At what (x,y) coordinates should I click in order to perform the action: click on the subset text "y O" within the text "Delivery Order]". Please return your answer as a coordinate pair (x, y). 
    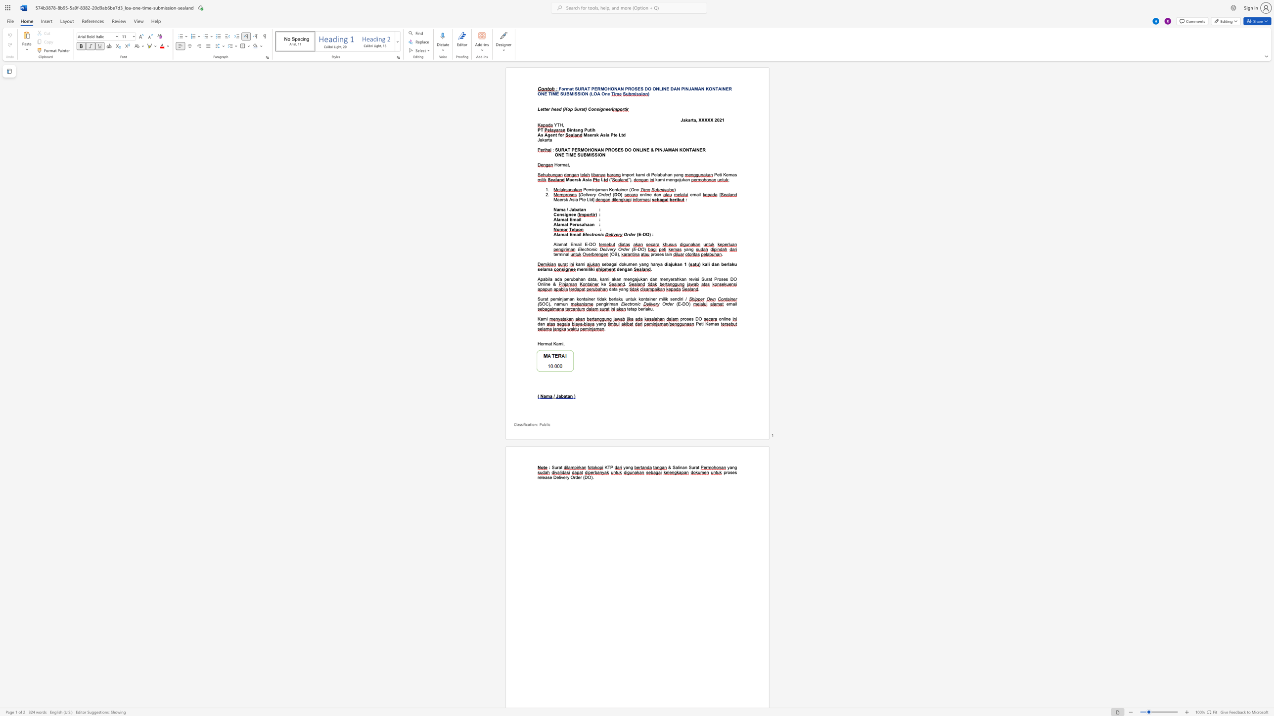
    Looking at the image, I should click on (593, 195).